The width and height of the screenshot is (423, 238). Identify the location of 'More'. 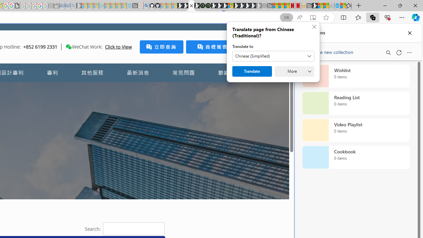
(294, 71).